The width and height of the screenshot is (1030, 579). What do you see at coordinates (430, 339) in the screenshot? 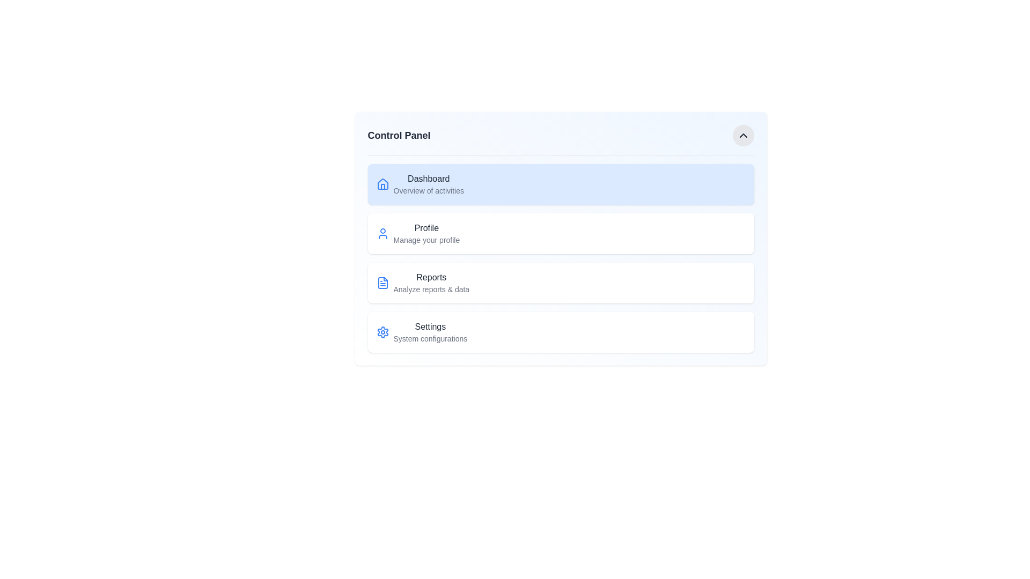
I see `the descriptive subtitle text label related to the 'Settings' option in the control panel` at bounding box center [430, 339].